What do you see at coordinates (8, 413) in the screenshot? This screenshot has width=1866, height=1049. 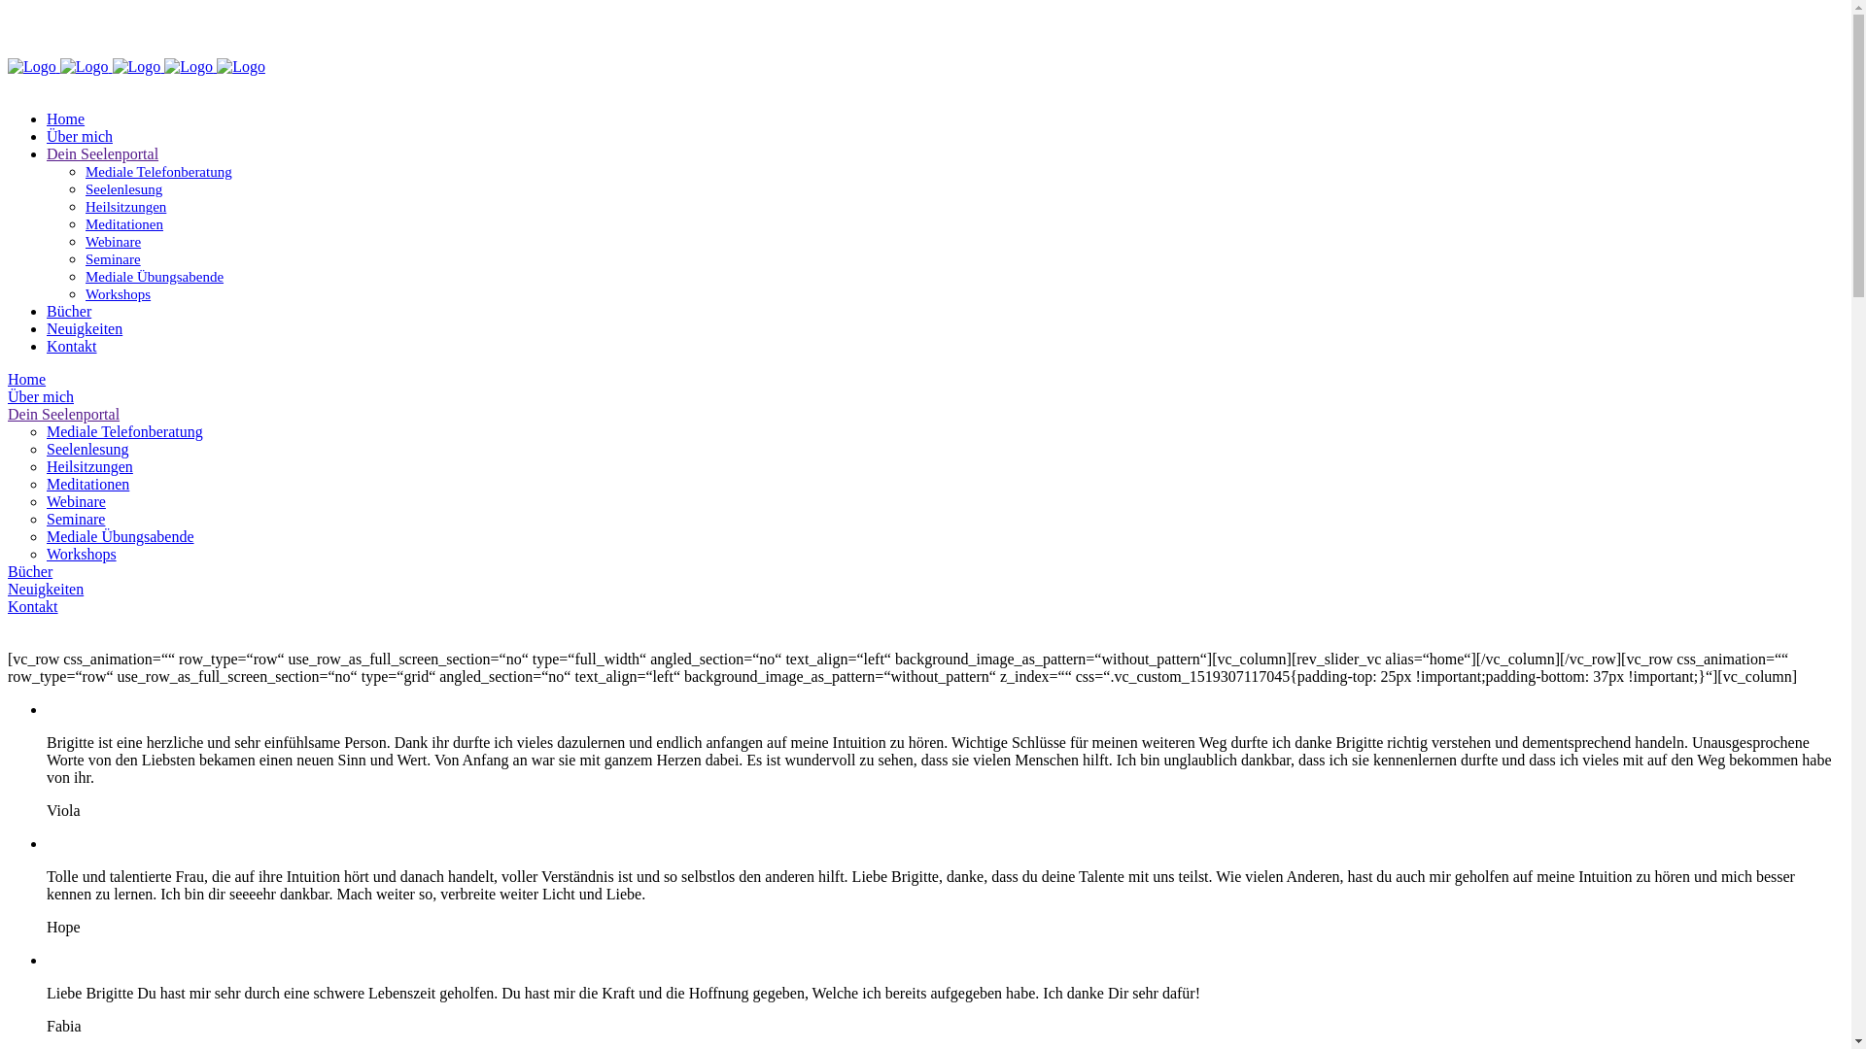 I see `'Dein Seelenportal'` at bounding box center [8, 413].